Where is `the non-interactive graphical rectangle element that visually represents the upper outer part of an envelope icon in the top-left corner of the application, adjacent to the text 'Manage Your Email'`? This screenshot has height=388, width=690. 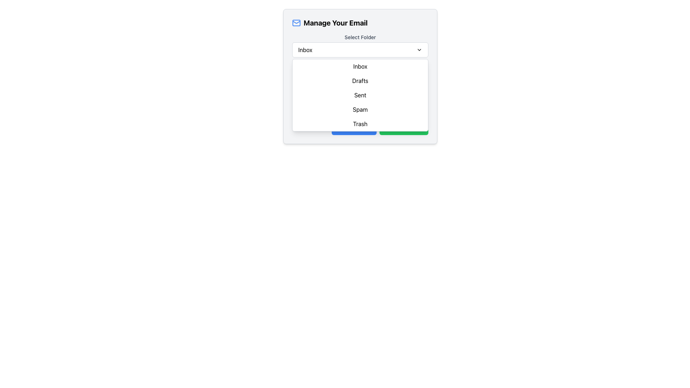 the non-interactive graphical rectangle element that visually represents the upper outer part of an envelope icon in the top-left corner of the application, adjacent to the text 'Manage Your Email' is located at coordinates (296, 23).